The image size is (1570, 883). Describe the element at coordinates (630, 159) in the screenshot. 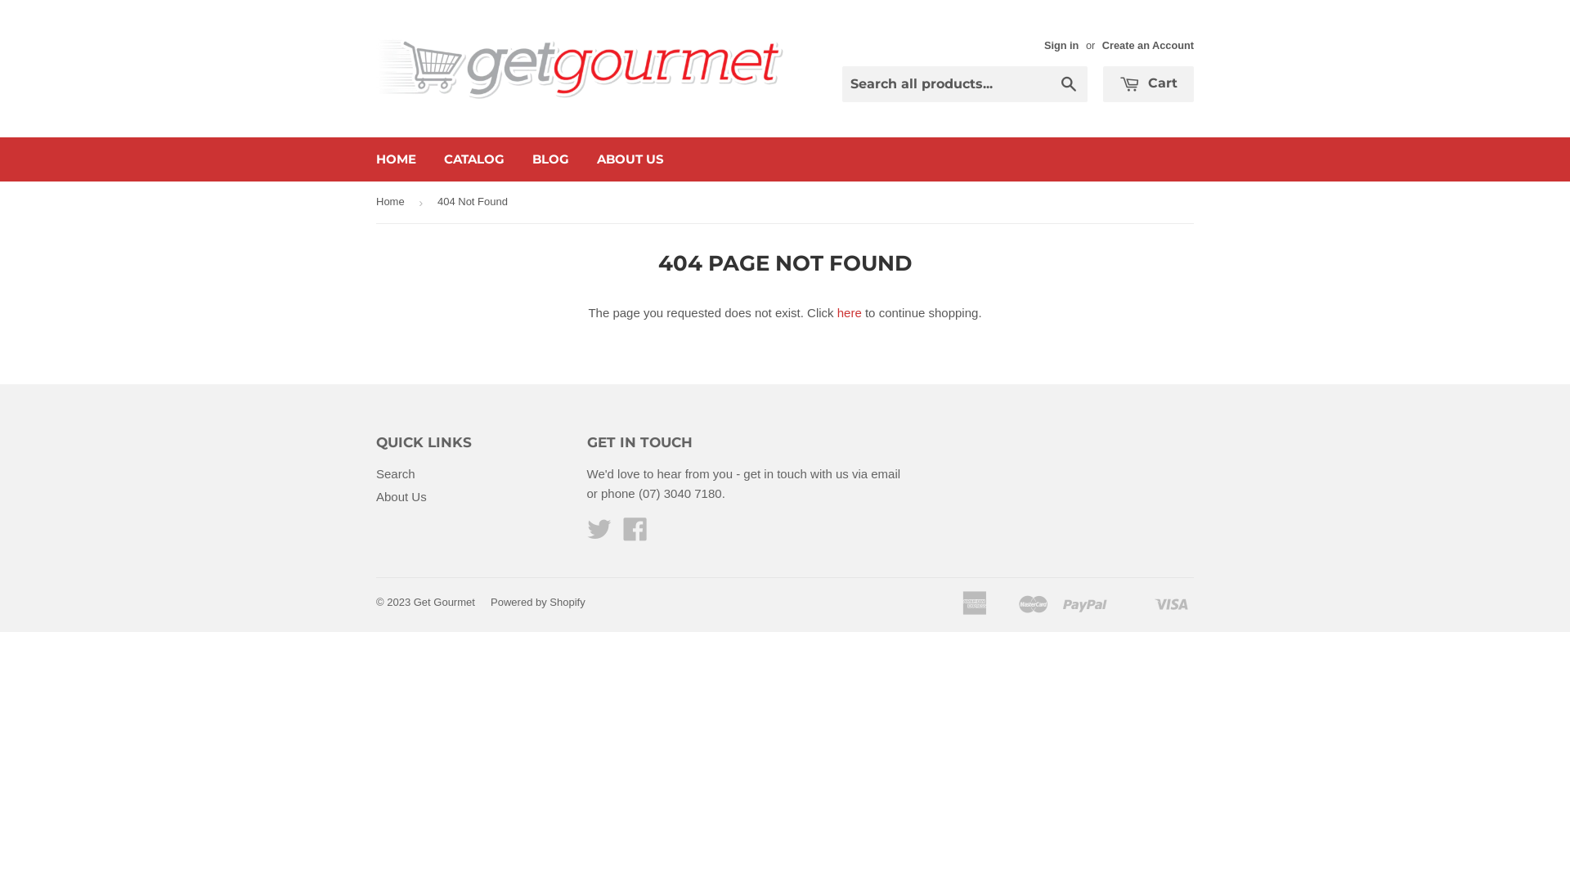

I see `'ABOUT US'` at that location.